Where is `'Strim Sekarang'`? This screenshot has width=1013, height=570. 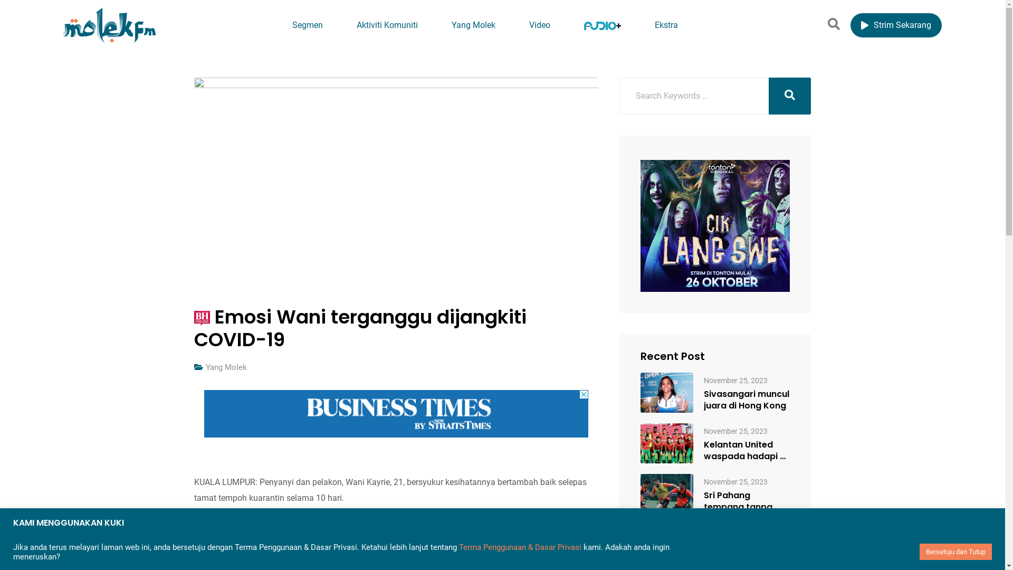 'Strim Sekarang' is located at coordinates (895, 24).